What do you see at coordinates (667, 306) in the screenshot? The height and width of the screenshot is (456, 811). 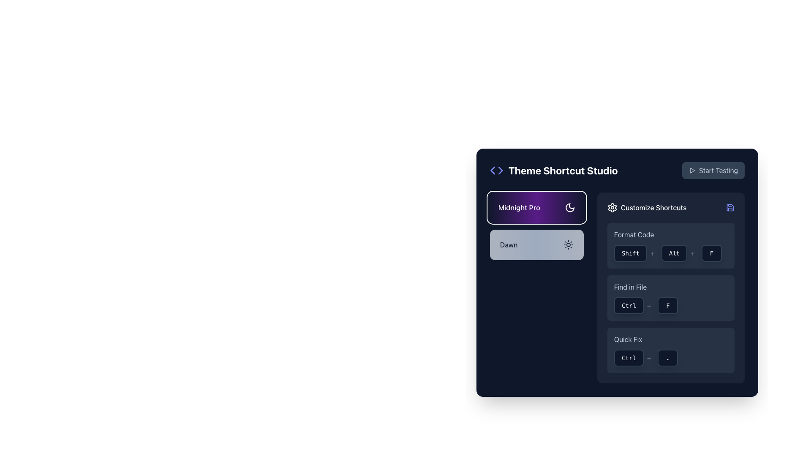 I see `the 'F' key button that is part of the 'Ctrl+F' keyboard shortcut sequence in the 'Find in File' panel` at bounding box center [667, 306].